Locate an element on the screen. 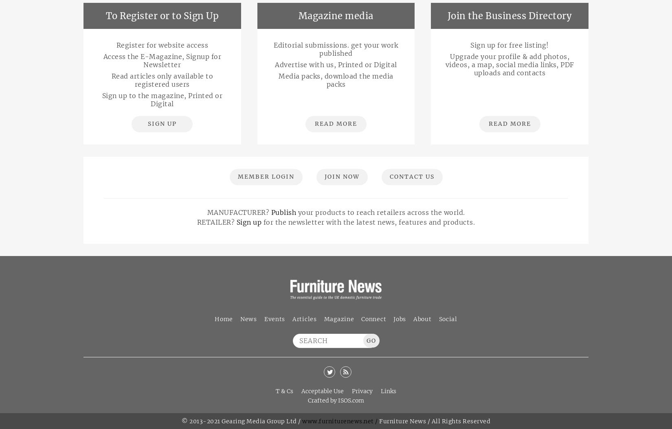 Image resolution: width=672 pixels, height=429 pixels. 'Publish' is located at coordinates (283, 212).